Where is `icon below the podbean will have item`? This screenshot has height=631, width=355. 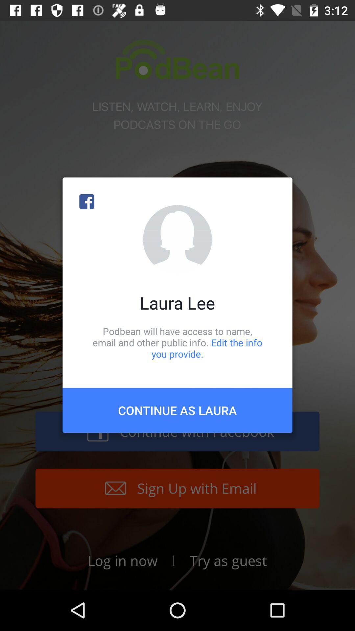 icon below the podbean will have item is located at coordinates (177, 410).